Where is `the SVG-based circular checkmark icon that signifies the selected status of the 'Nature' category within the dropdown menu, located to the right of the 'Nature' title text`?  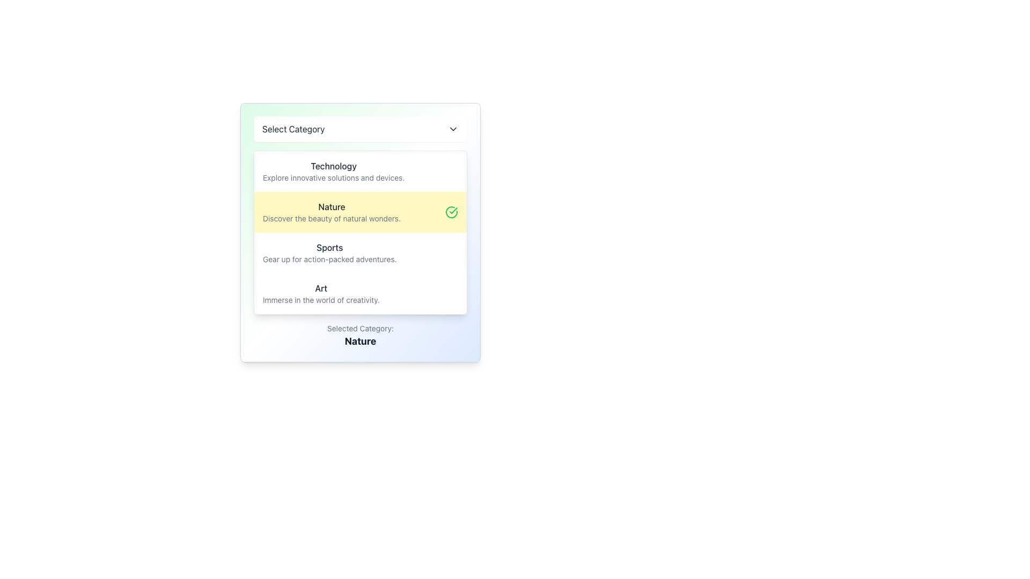 the SVG-based circular checkmark icon that signifies the selected status of the 'Nature' category within the dropdown menu, located to the right of the 'Nature' title text is located at coordinates (451, 212).